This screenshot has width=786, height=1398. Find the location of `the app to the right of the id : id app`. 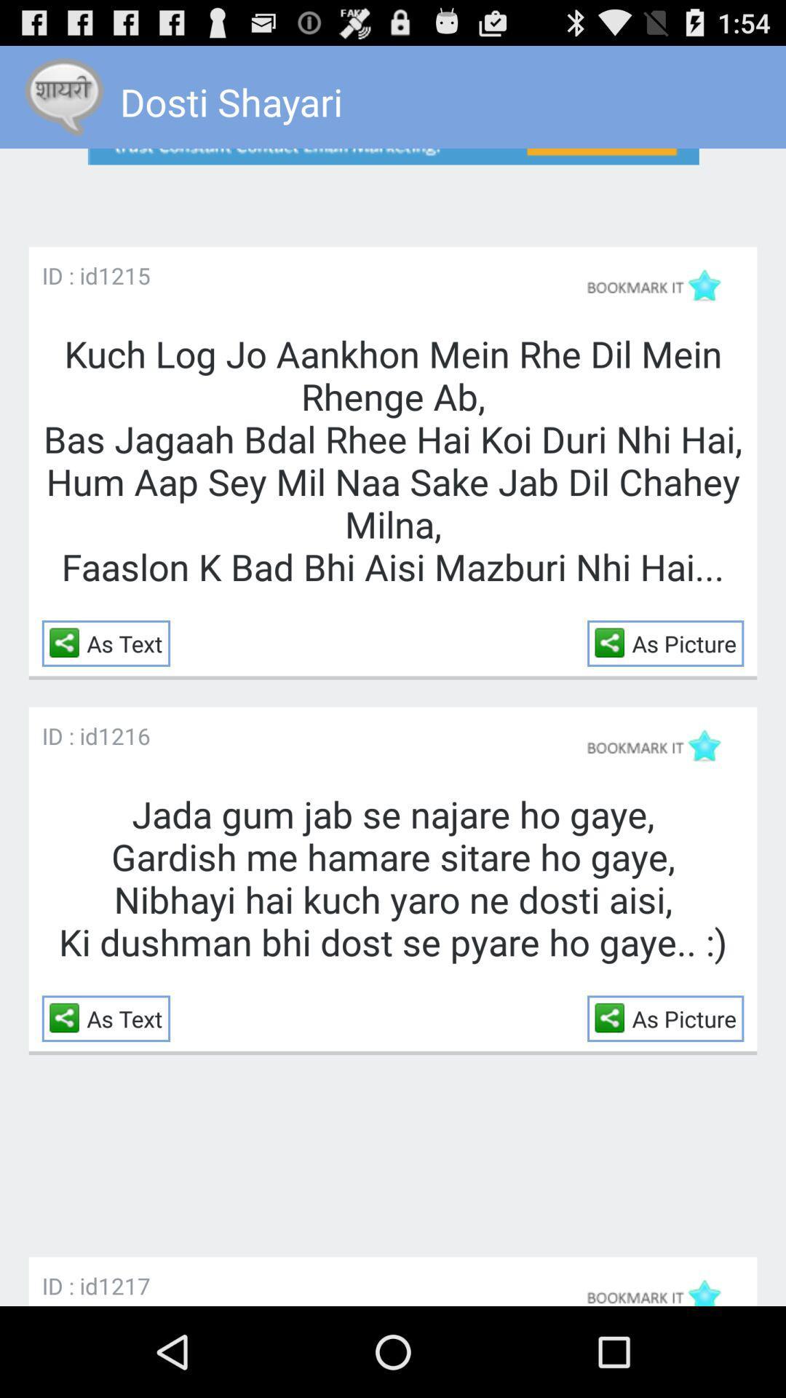

the app to the right of the id : id app is located at coordinates (123, 275).